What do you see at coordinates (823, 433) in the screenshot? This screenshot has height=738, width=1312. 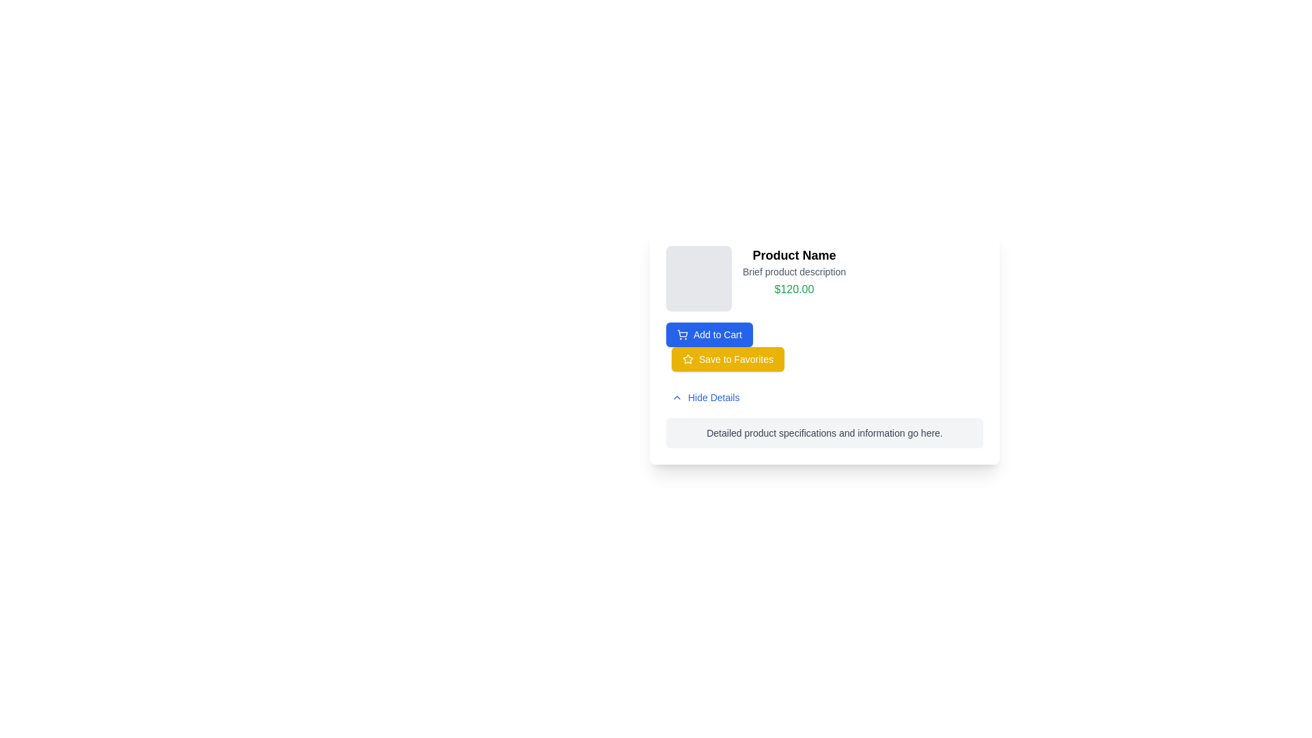 I see `the Informative Text Section that displays detailed product specifications, located beneath the 'Hide Details' link` at bounding box center [823, 433].